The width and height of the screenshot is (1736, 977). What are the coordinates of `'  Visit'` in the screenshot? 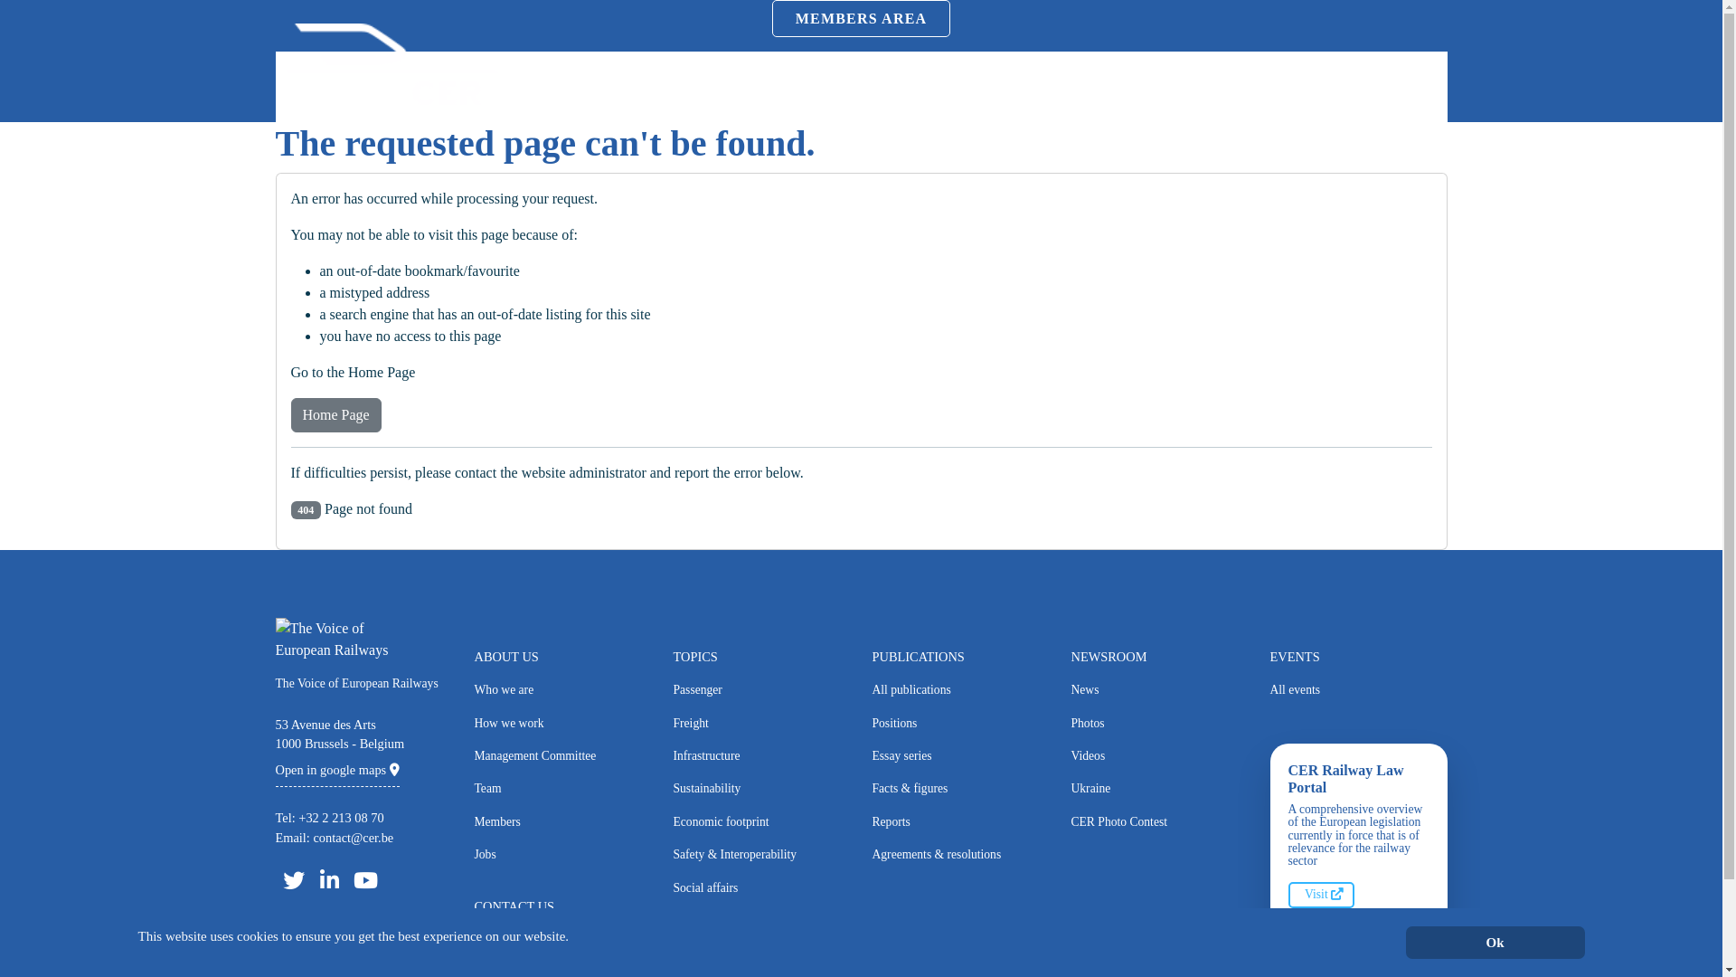 It's located at (1320, 893).